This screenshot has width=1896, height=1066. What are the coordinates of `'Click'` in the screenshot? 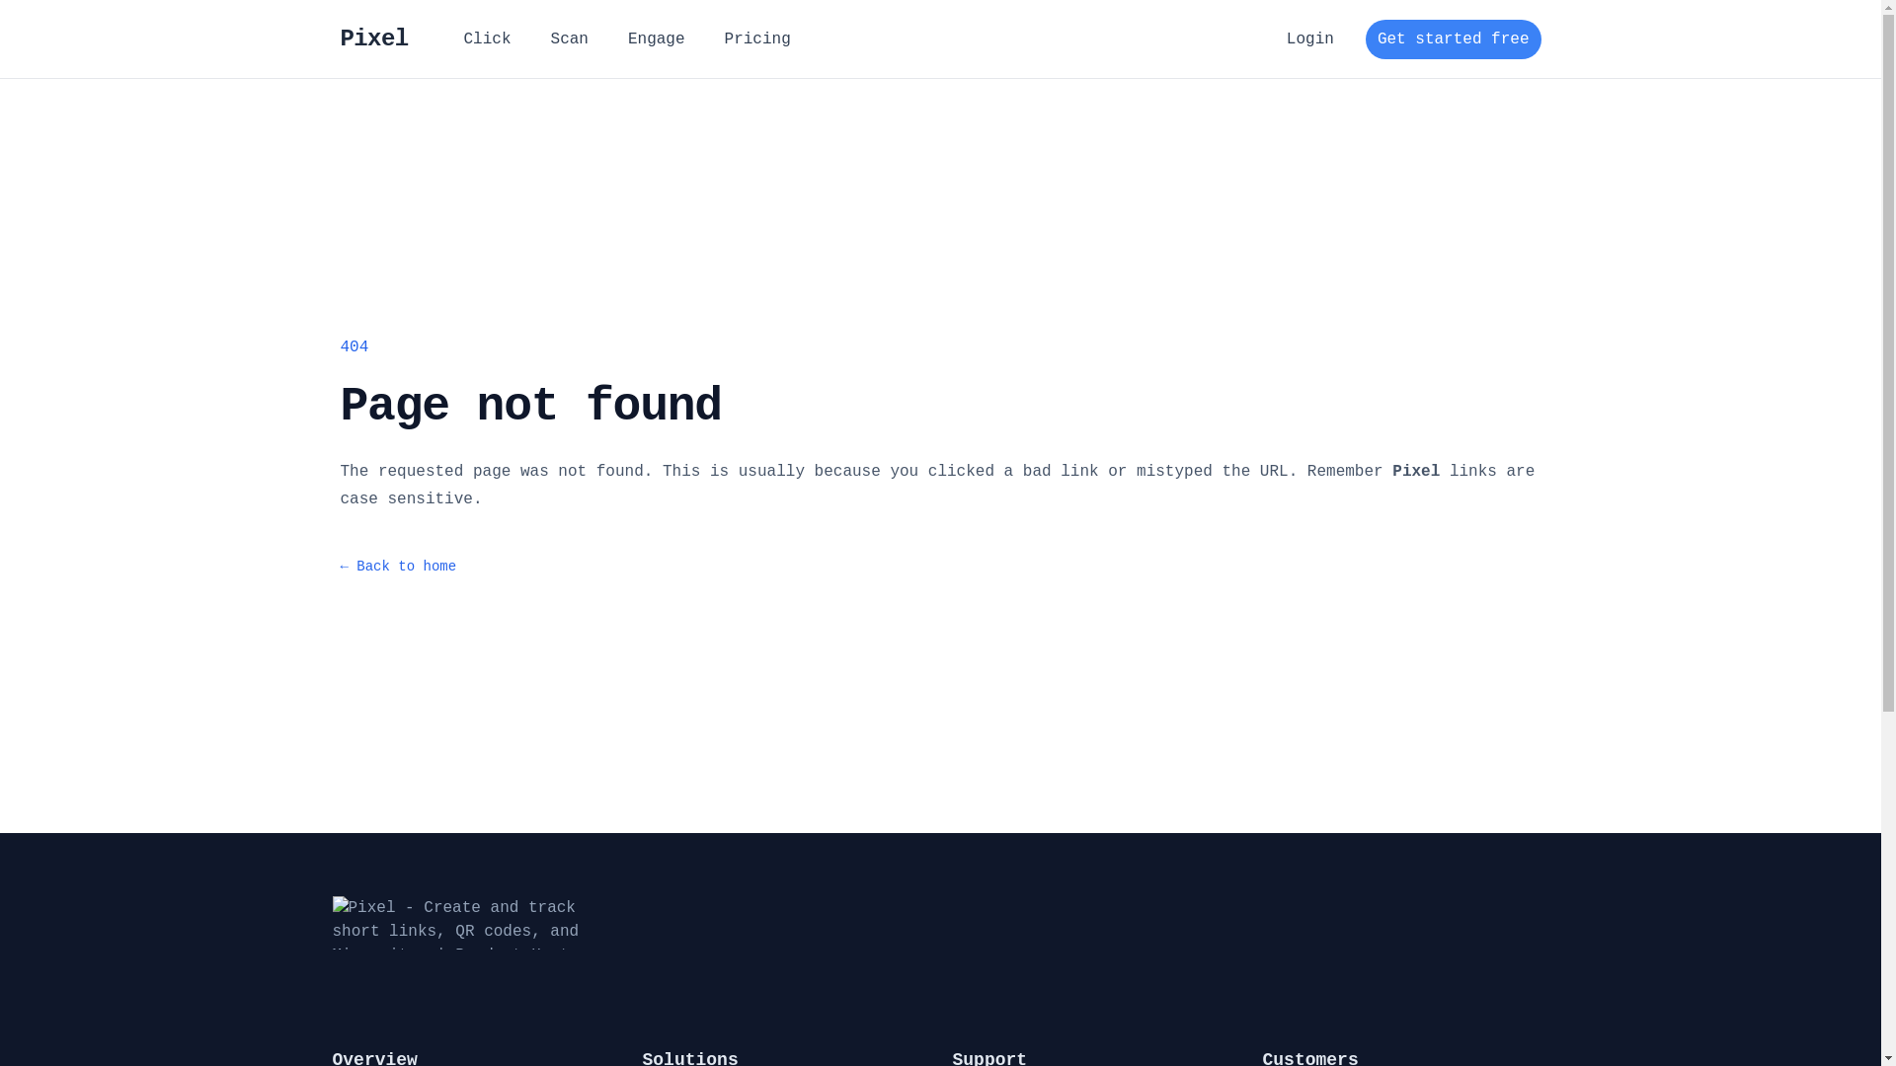 It's located at (488, 38).